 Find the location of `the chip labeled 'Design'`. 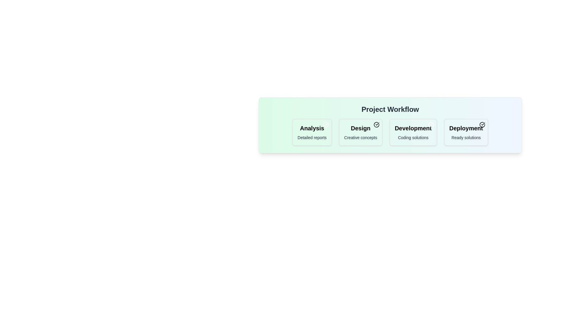

the chip labeled 'Design' is located at coordinates (360, 132).